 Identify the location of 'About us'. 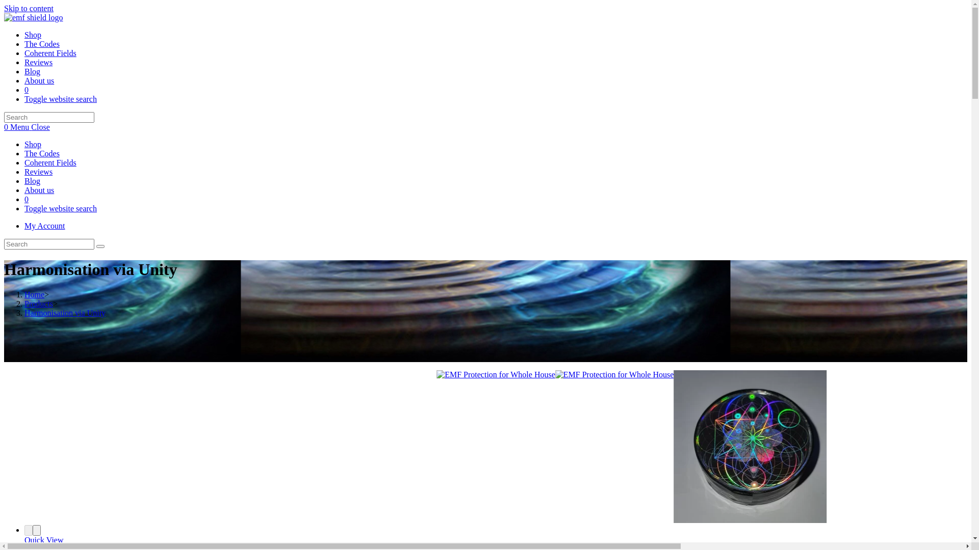
(39, 80).